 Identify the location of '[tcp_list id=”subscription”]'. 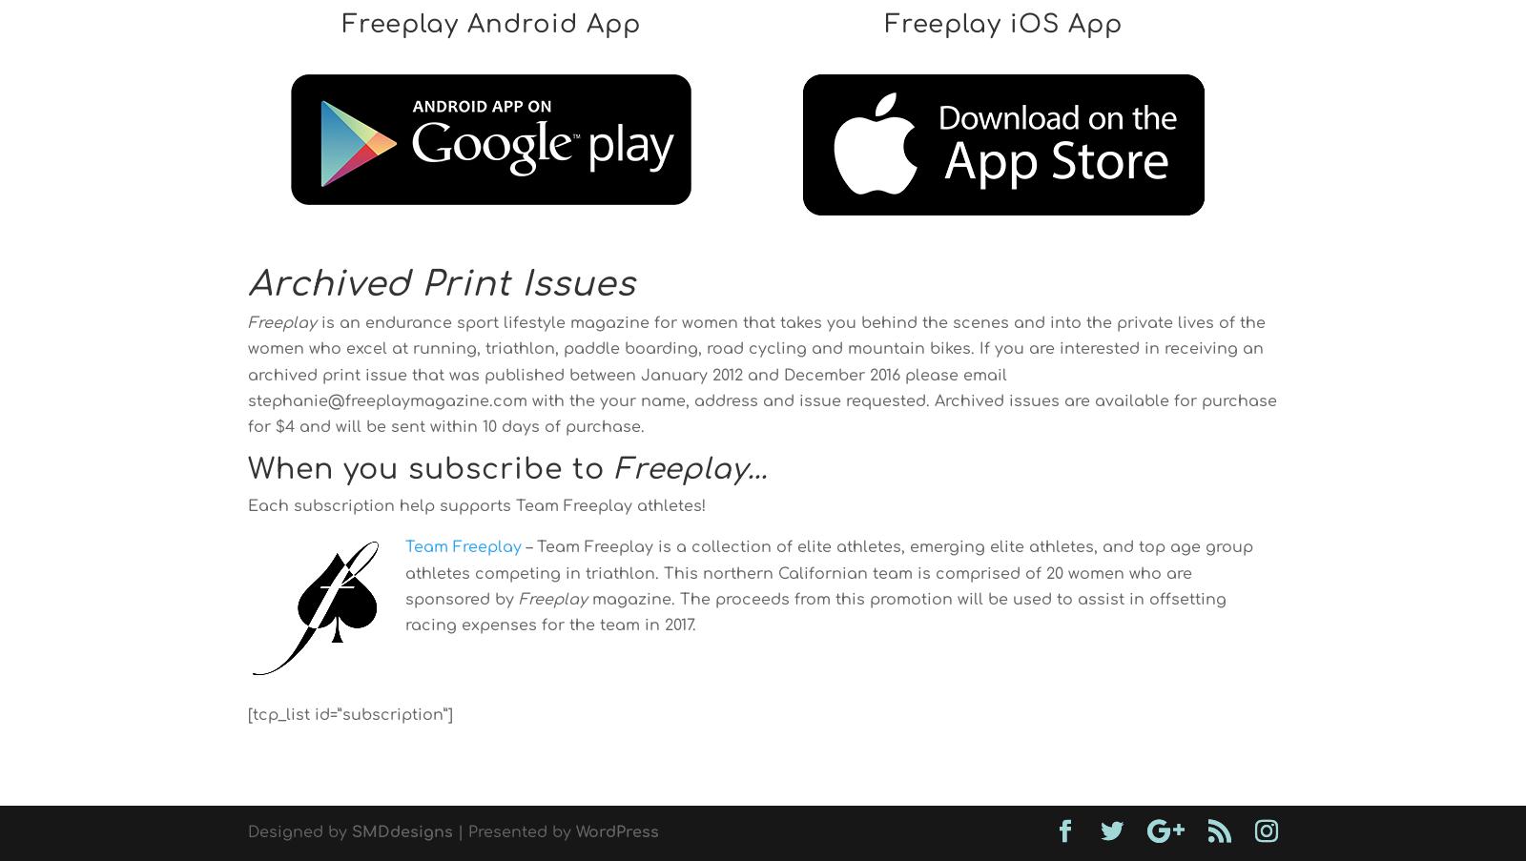
(248, 715).